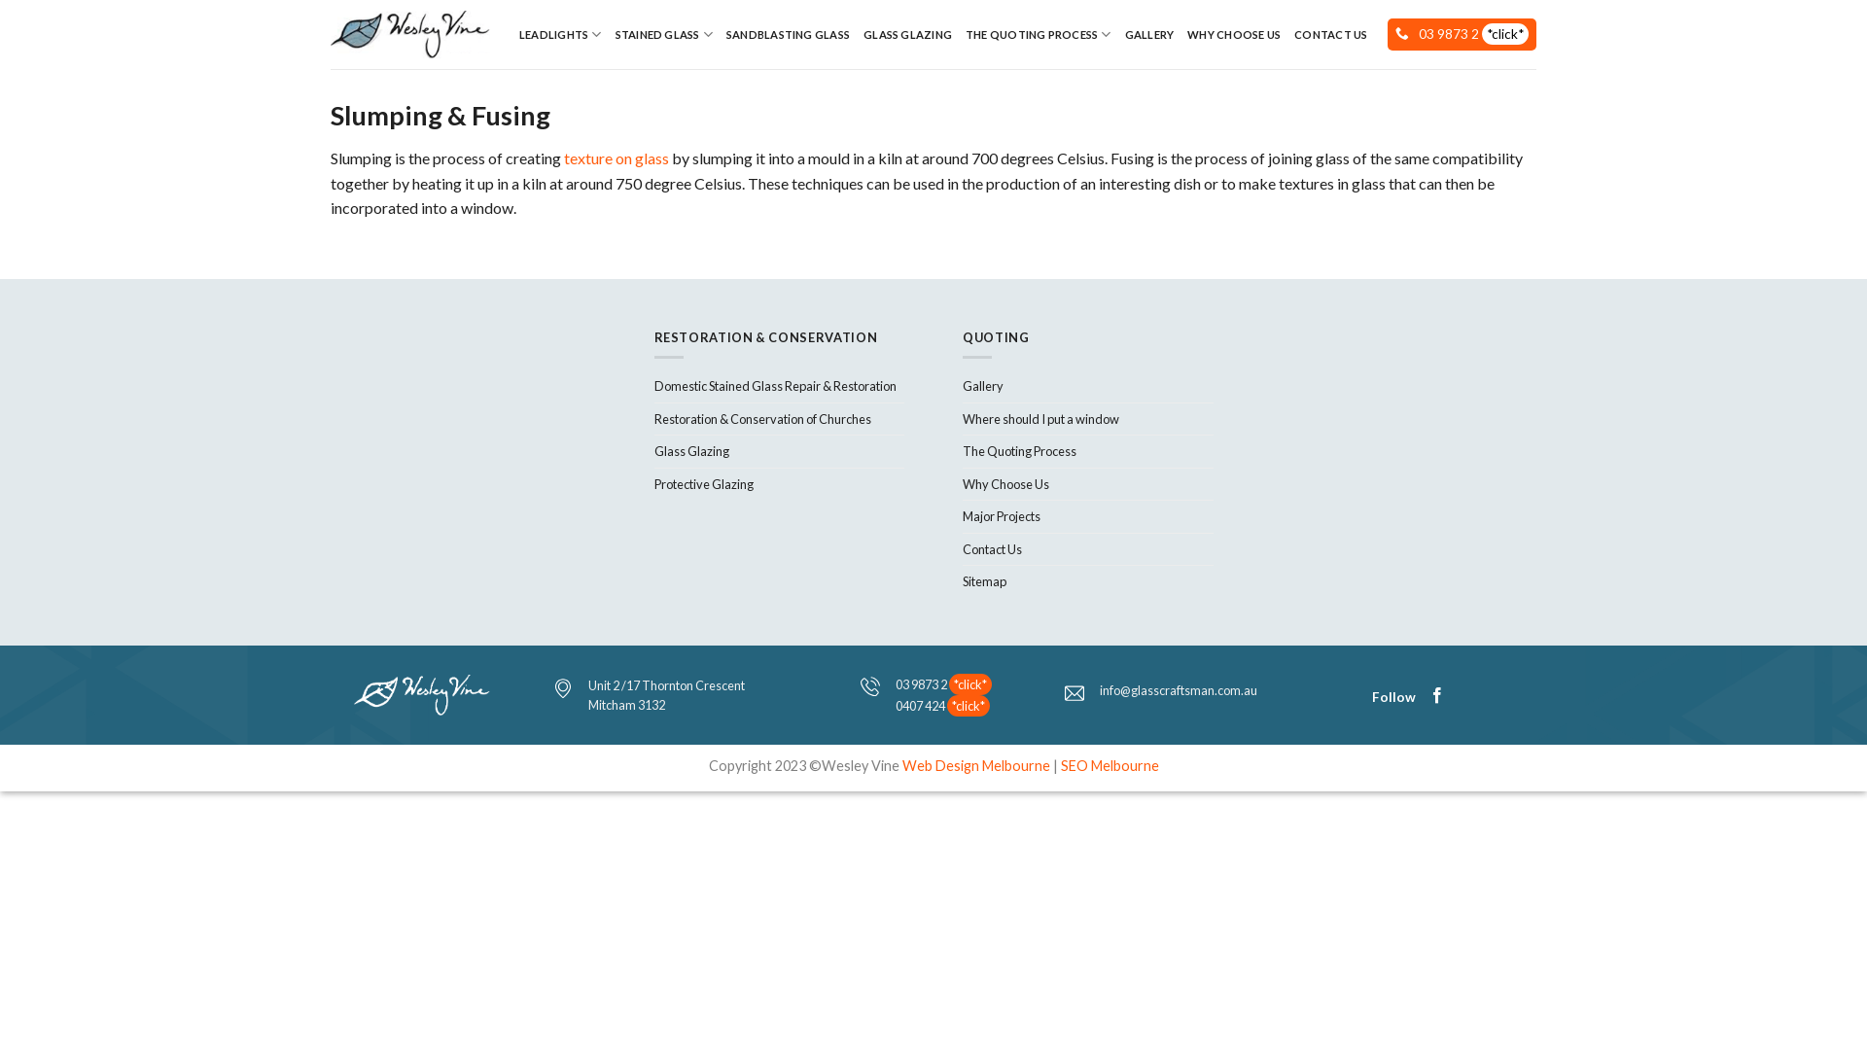  Describe the element at coordinates (1437, 695) in the screenshot. I see `'Follow on Facebook'` at that location.